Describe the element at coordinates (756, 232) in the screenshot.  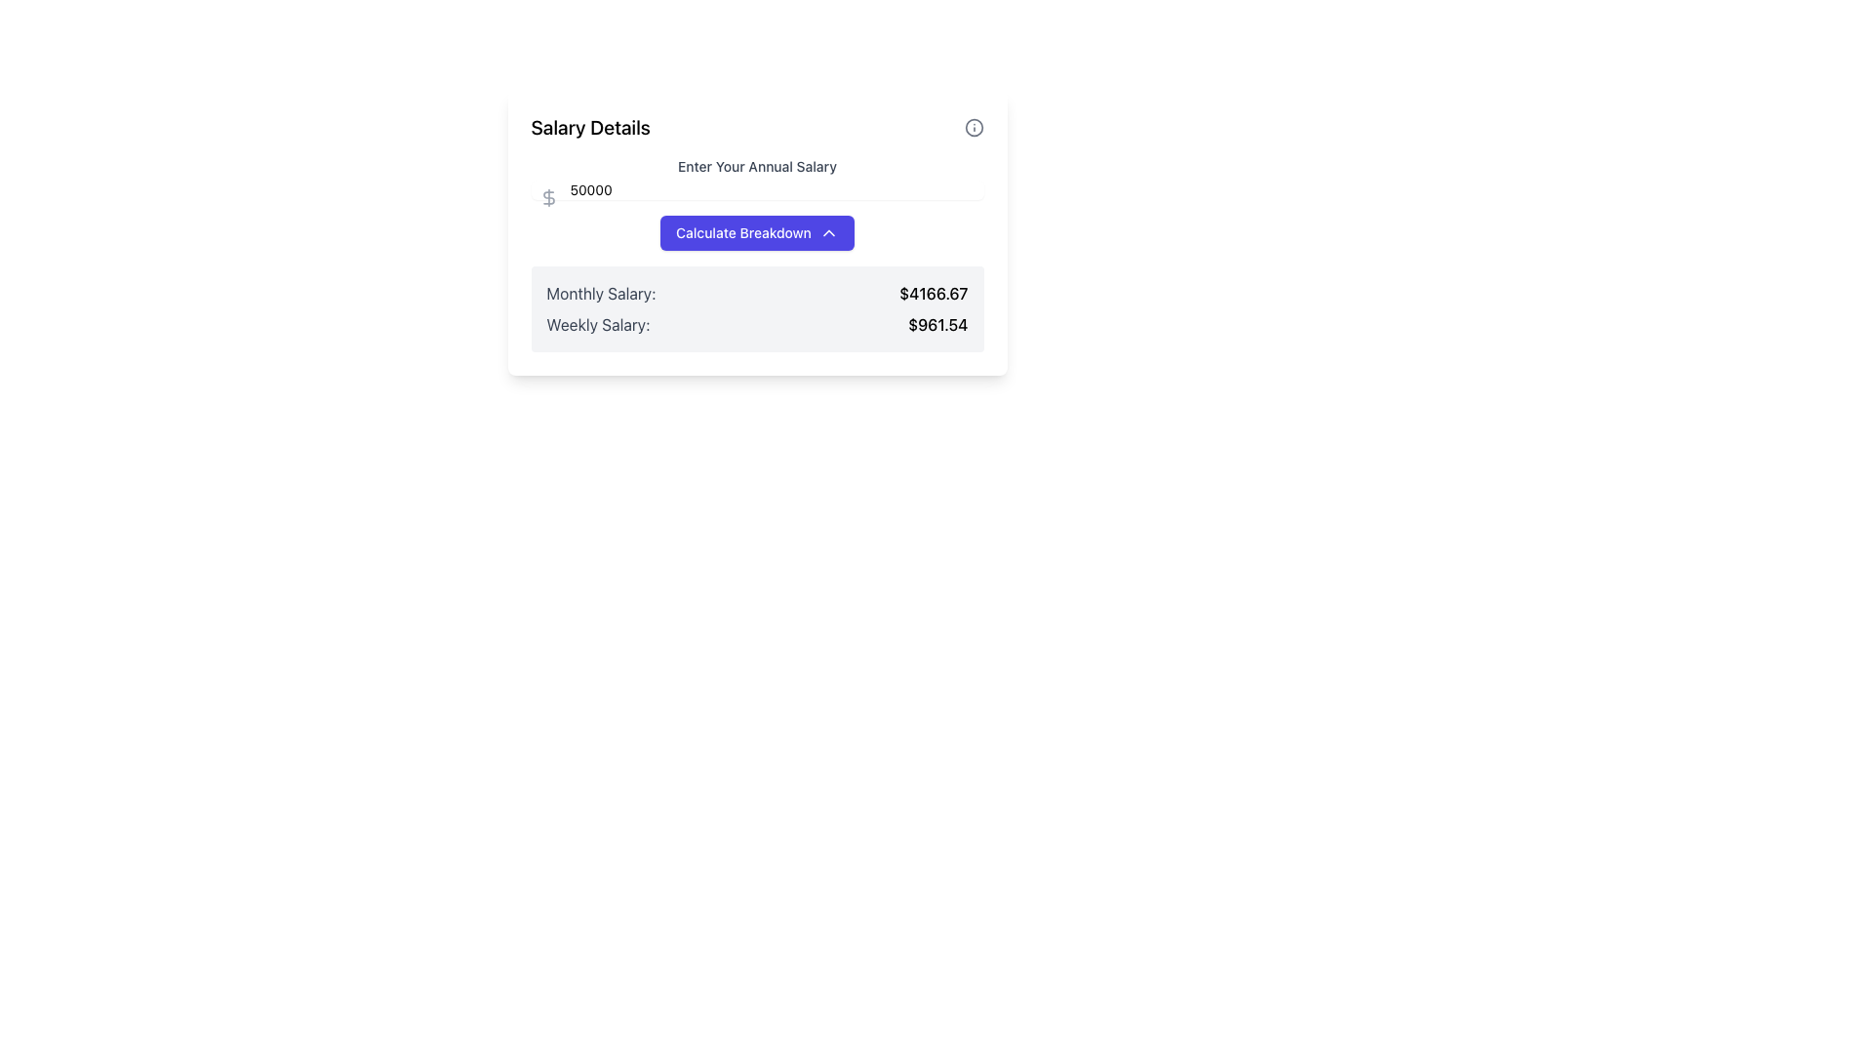
I see `the blue button labeled 'Calculate Breakdown' on the financial calculator panel displaying salary details` at that location.